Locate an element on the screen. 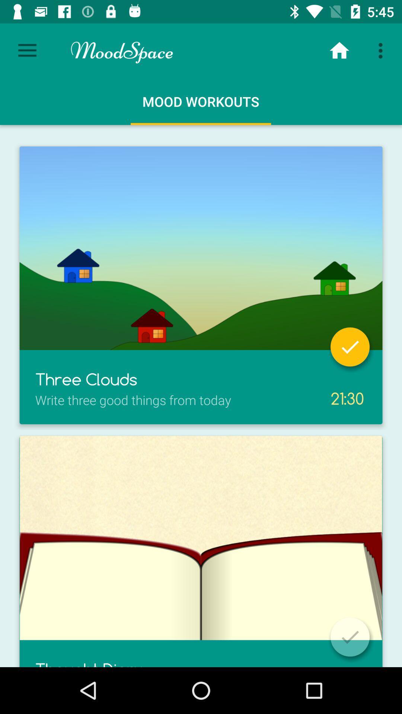 The width and height of the screenshot is (402, 714). confirm selection is located at coordinates (350, 637).